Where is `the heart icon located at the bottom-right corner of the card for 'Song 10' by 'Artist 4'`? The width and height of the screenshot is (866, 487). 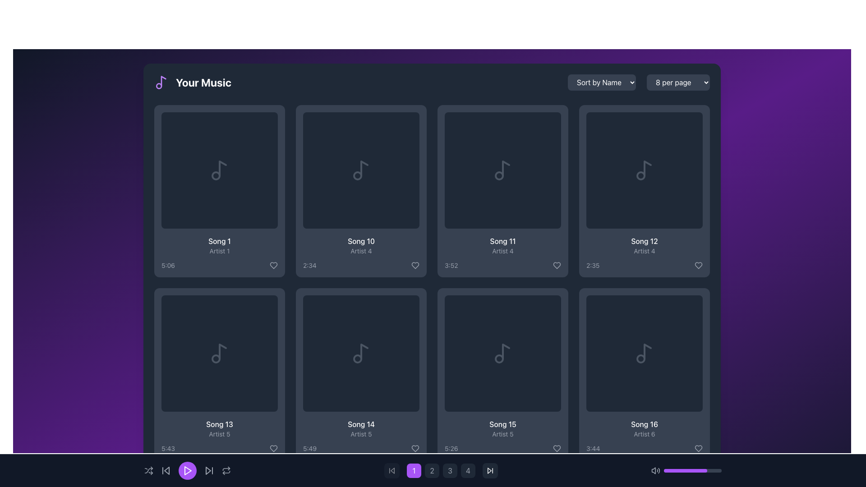
the heart icon located at the bottom-right corner of the card for 'Song 10' by 'Artist 4' is located at coordinates (415, 265).